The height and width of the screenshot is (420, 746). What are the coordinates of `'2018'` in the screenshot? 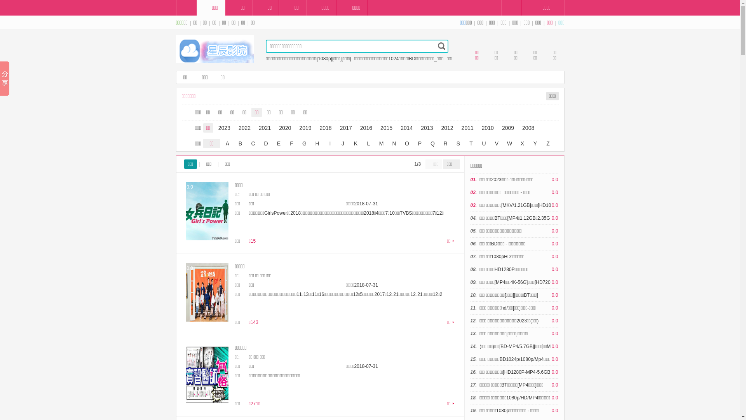 It's located at (317, 127).